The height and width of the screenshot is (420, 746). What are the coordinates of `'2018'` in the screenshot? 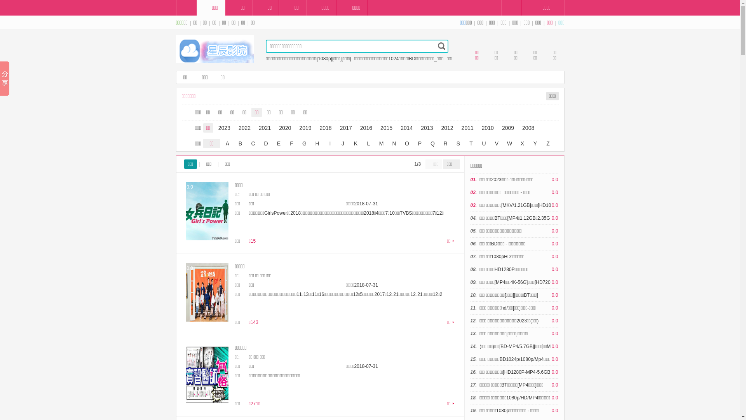 It's located at (317, 127).